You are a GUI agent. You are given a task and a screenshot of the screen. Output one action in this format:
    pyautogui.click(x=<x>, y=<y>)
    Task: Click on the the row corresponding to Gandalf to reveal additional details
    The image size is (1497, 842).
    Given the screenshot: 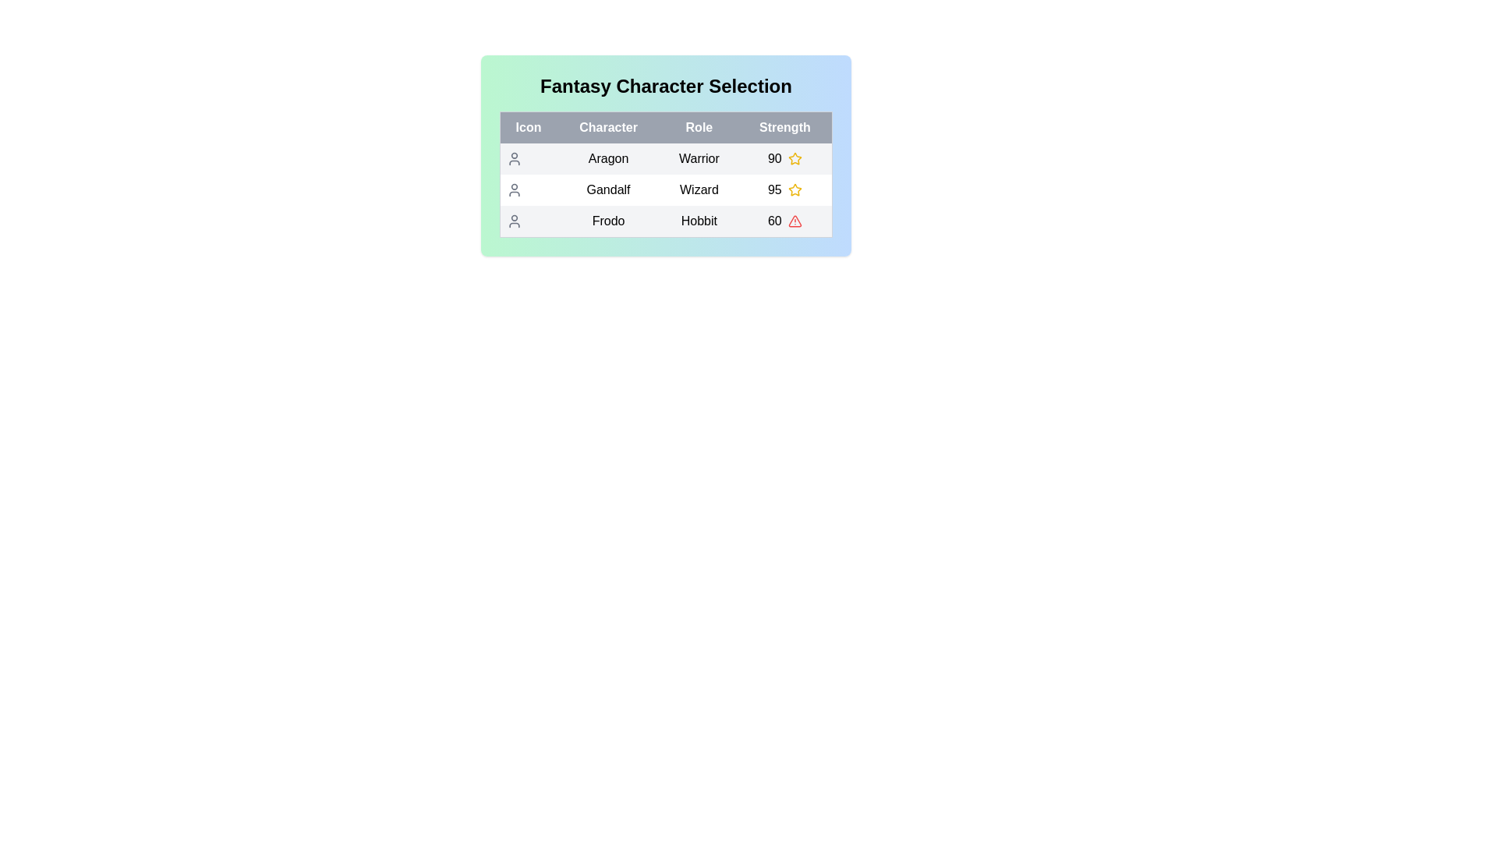 What is the action you would take?
    pyautogui.click(x=666, y=189)
    